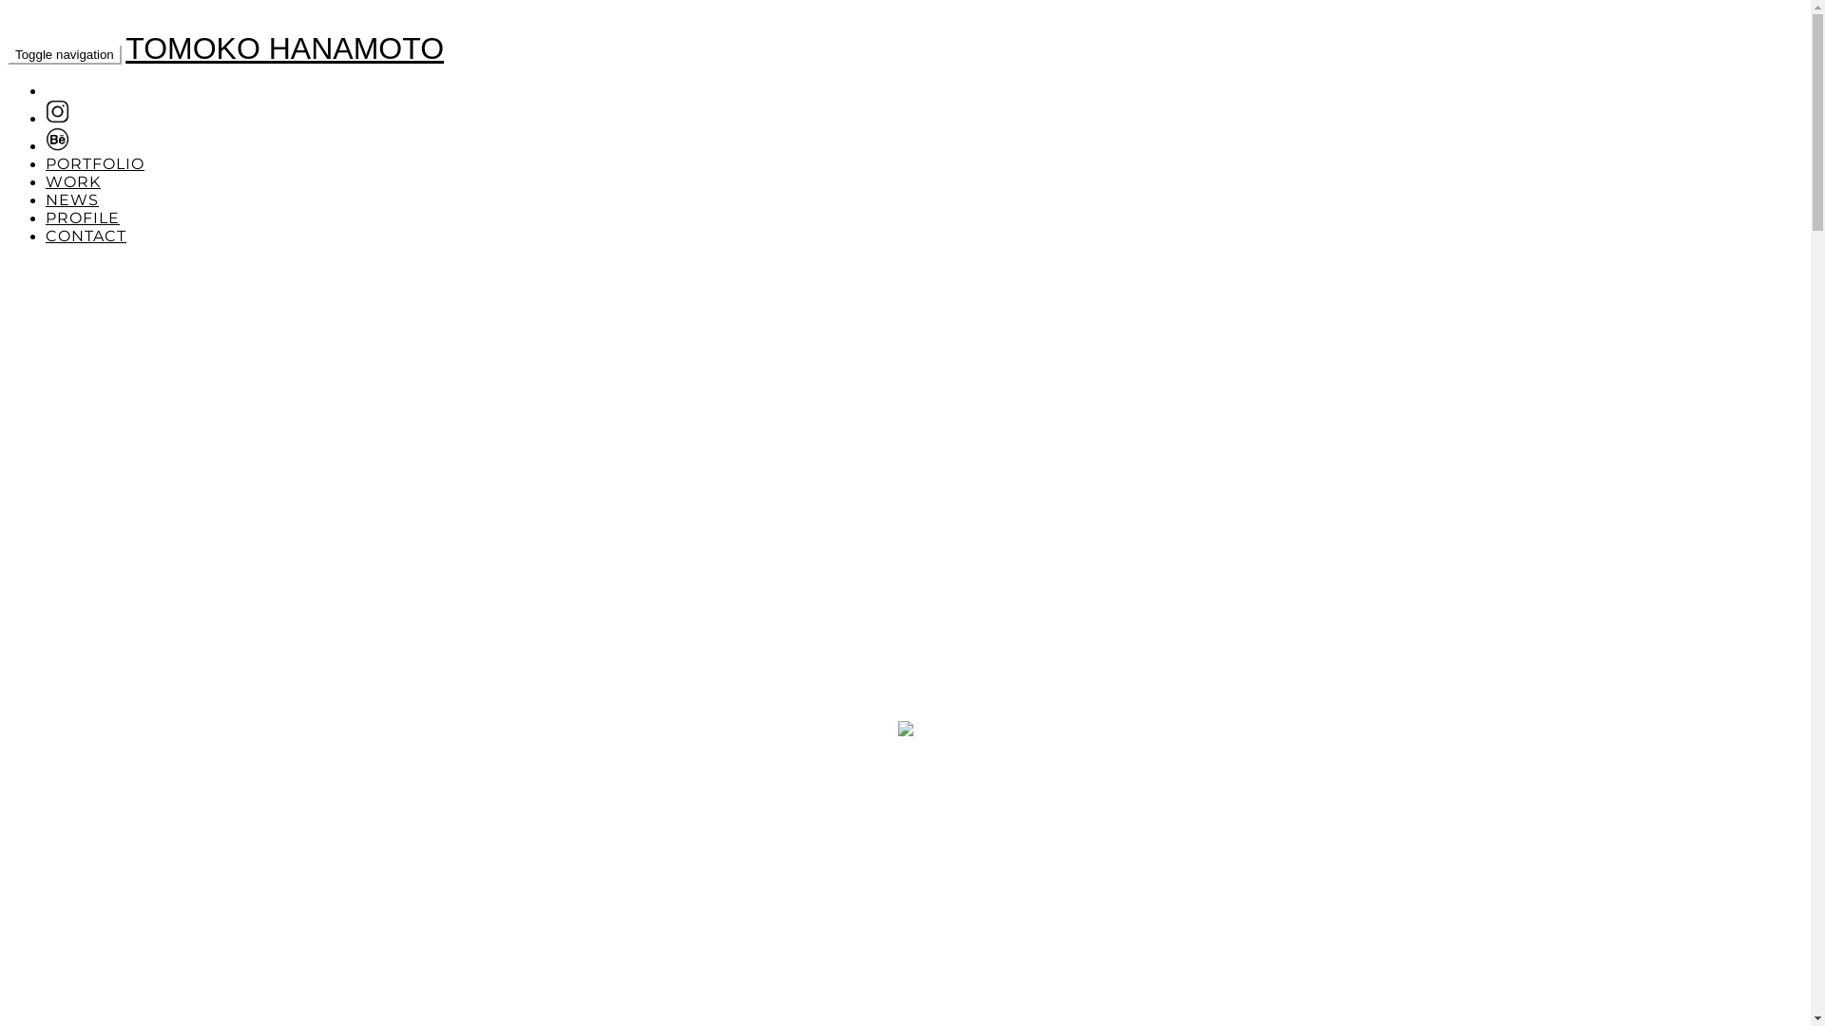 The width and height of the screenshot is (1825, 1026). I want to click on 'TOMOKO HANAMOTO', so click(283, 47).